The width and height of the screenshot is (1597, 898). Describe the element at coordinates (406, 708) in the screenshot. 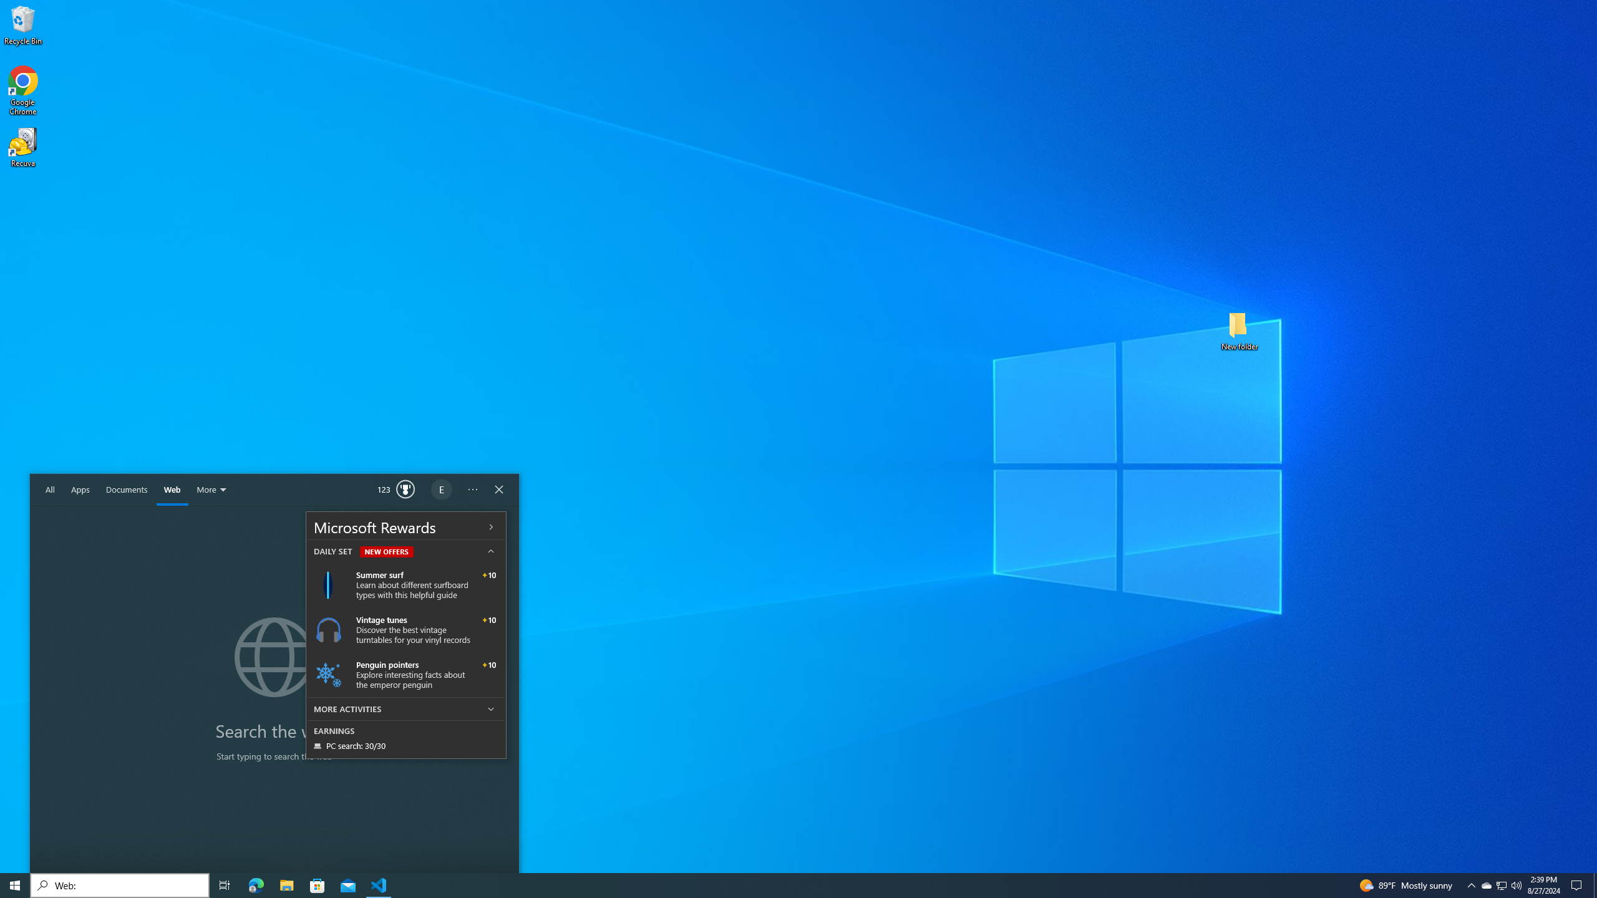

I see `'MORE ACTIVITIES'` at that location.